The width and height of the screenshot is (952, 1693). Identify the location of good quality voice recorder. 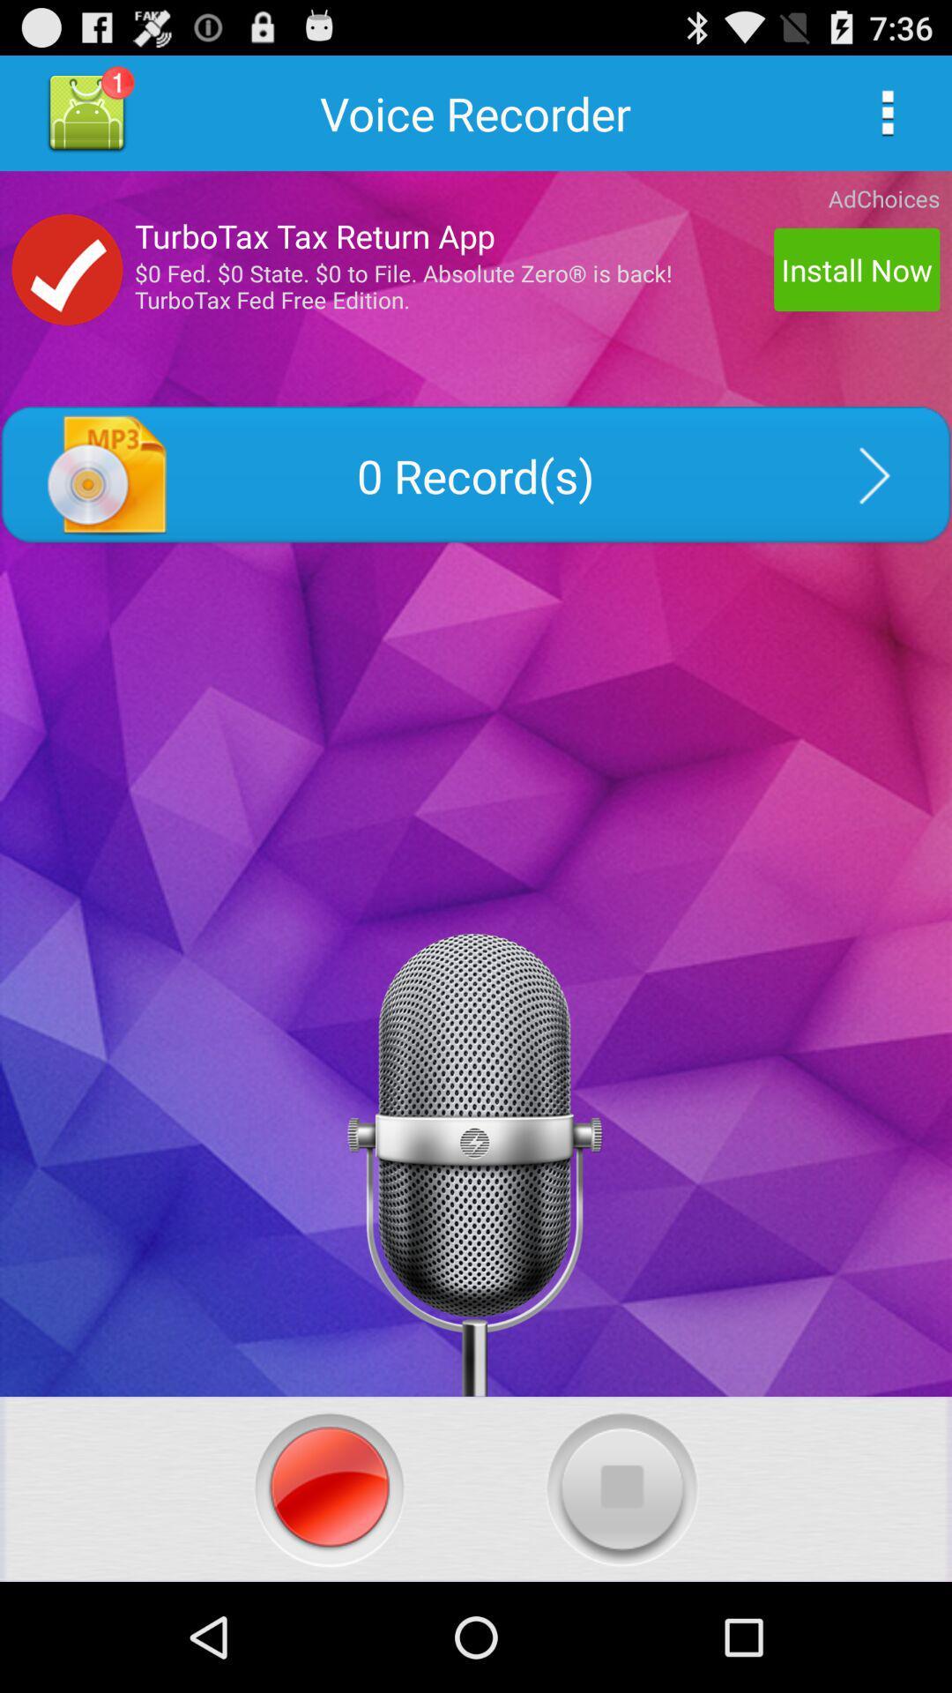
(87, 112).